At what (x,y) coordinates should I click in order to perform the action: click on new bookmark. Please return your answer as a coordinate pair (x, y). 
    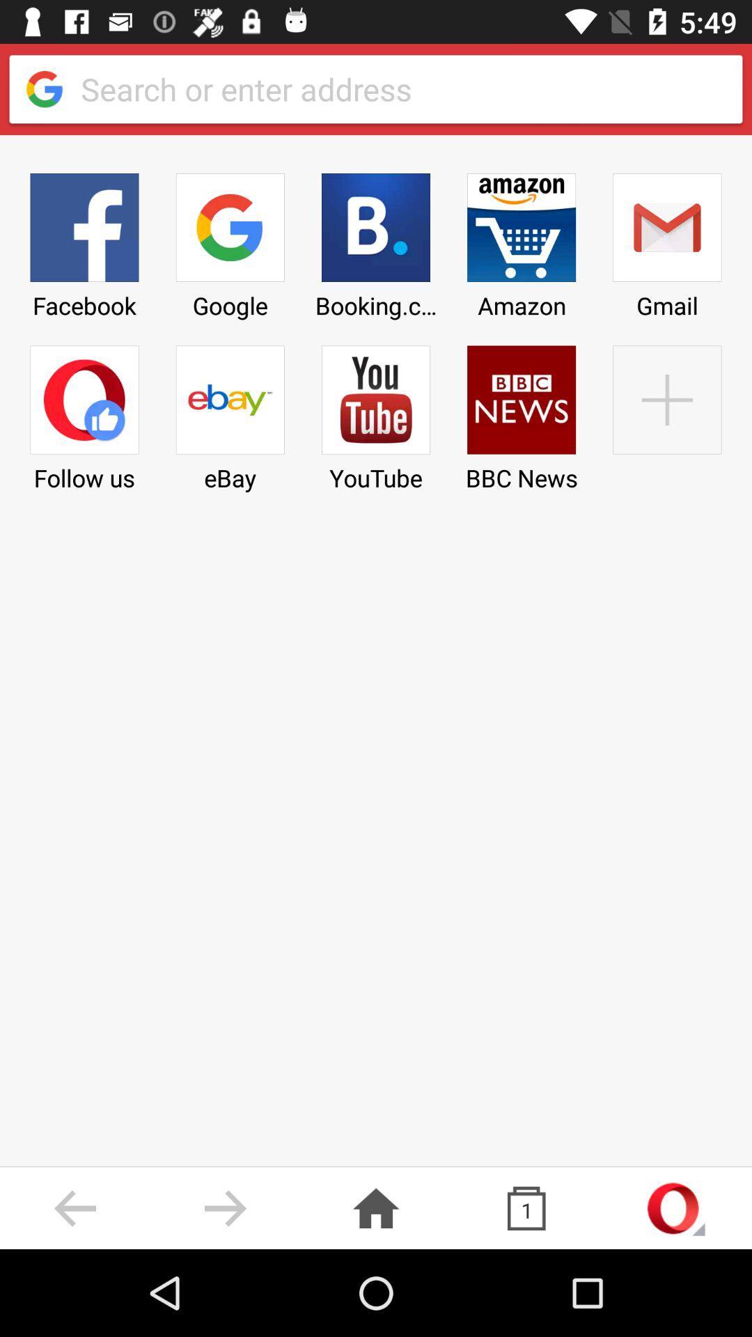
    Looking at the image, I should click on (666, 413).